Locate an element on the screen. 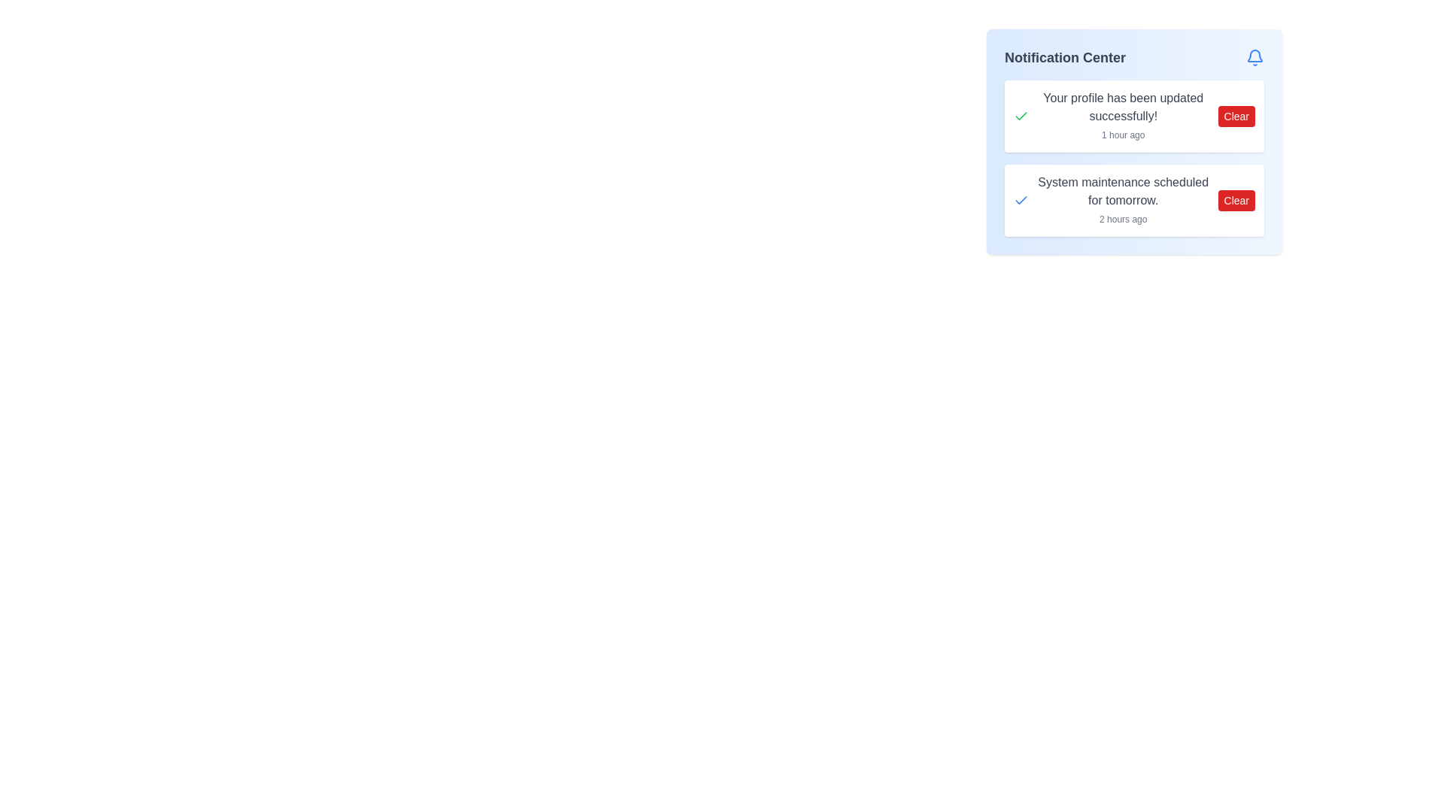  the checkmark icon indicating successful profile updates located in the Notification Center panel is located at coordinates (1021, 199).